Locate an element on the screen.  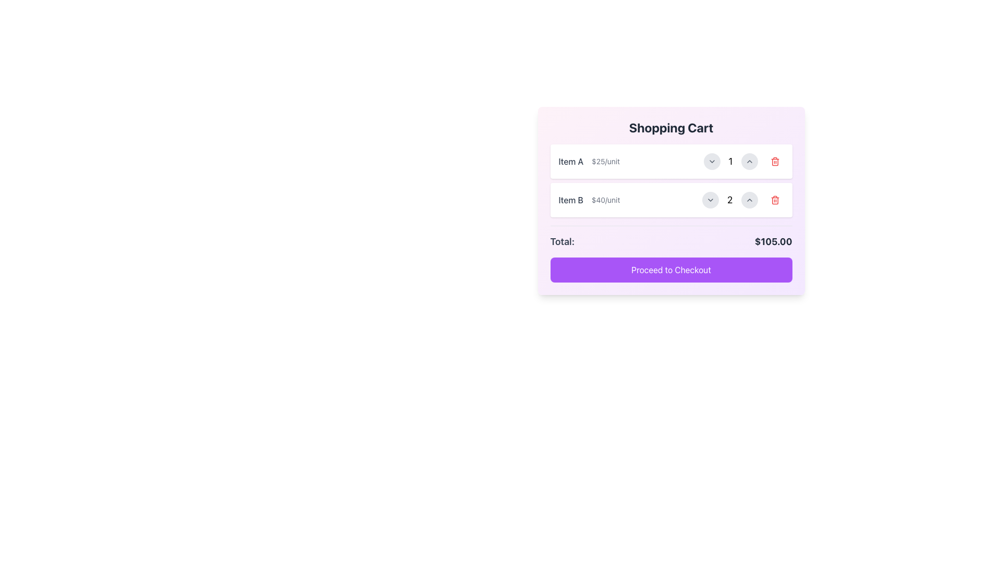
the Text Label indicating the product name and price per unit in the shopping cart, located at the top-left corner of the item's section is located at coordinates (589, 161).